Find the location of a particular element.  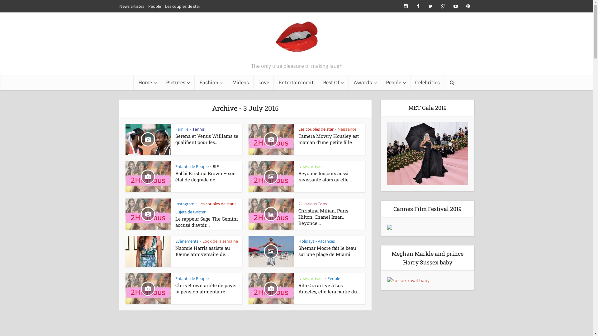

'Celebrities' is located at coordinates (427, 82).